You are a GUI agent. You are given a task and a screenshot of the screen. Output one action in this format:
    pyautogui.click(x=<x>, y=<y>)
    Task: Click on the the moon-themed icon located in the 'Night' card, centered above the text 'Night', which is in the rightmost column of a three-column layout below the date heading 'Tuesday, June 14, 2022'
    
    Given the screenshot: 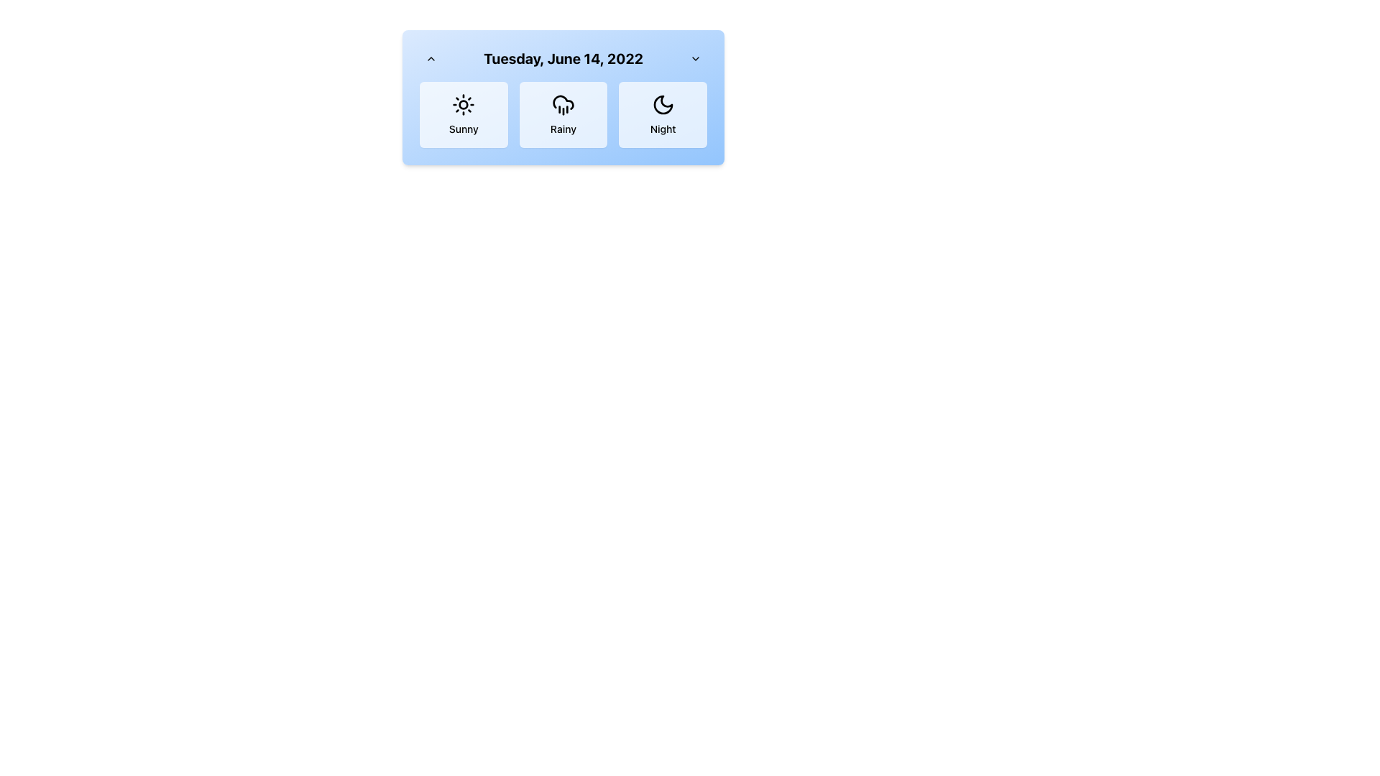 What is the action you would take?
    pyautogui.click(x=662, y=104)
    